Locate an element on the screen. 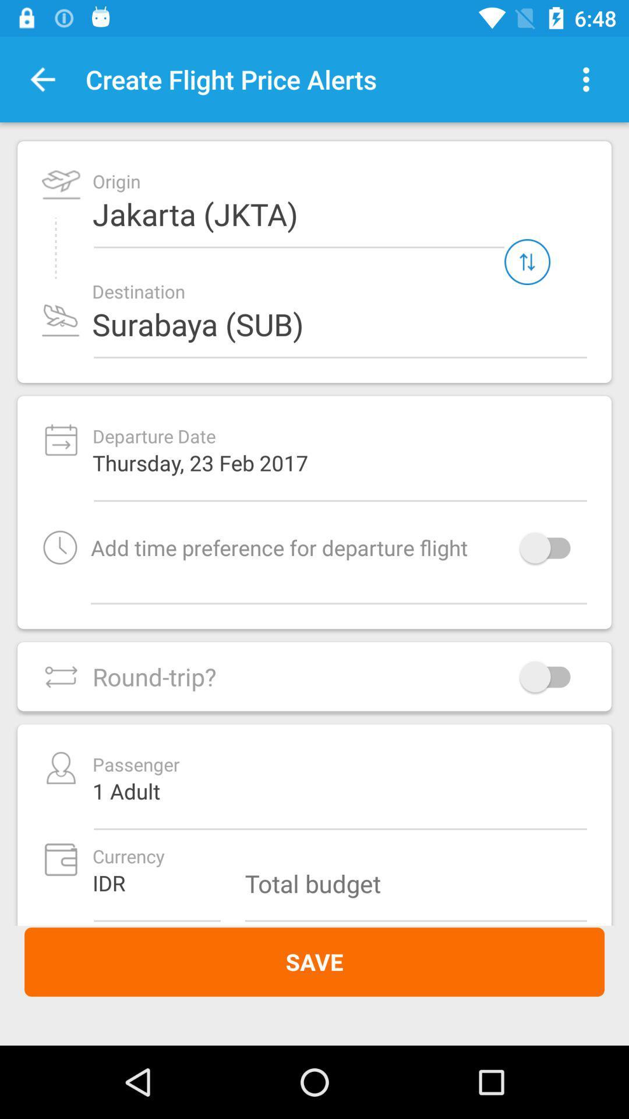 The height and width of the screenshot is (1119, 629). setting is located at coordinates (586, 79).